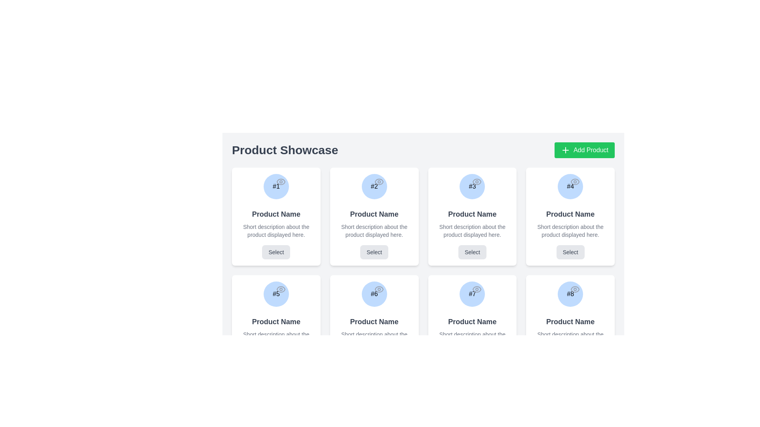 The image size is (760, 427). Describe the element at coordinates (585, 150) in the screenshot. I see `the 'Add Product' button located at the top-right corner of the 'Product Showcase' section` at that location.